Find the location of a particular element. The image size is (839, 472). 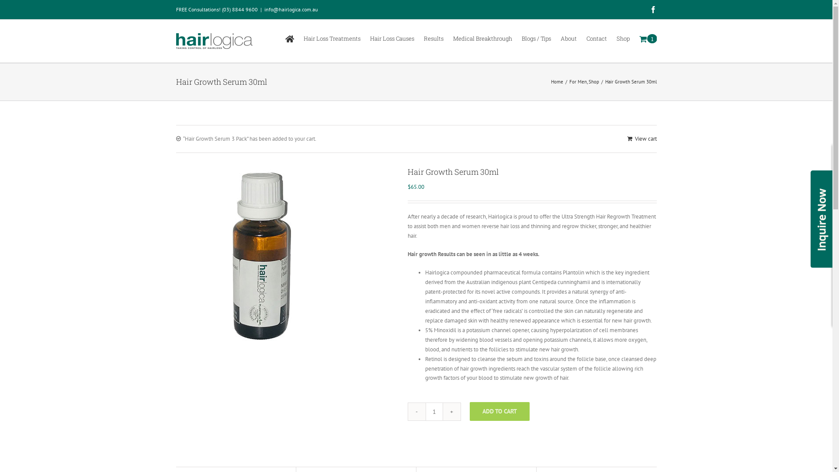

'View cart' is located at coordinates (641, 138).